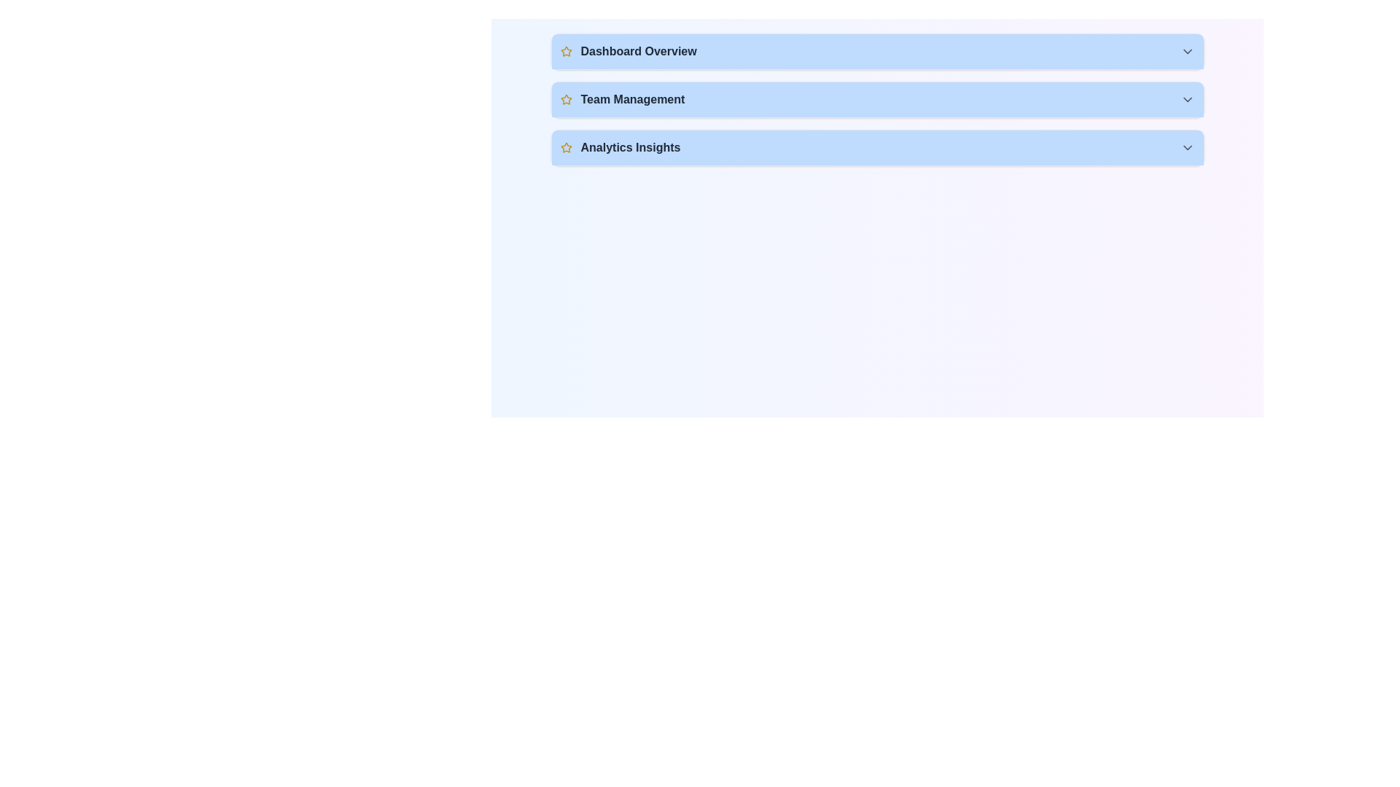  I want to click on the downward-pointing gray chevron icon located at the far right of the 'Dashboard Overview' button, so click(1187, 50).